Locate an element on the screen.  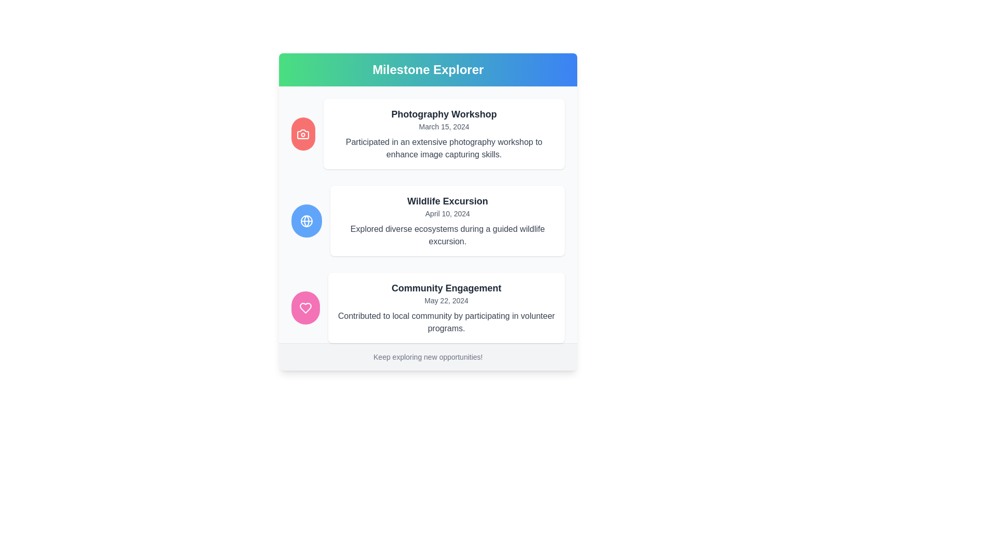
the static banner or heading located at the topmost section of the card-like layout, which serves as the title for the content section that follows is located at coordinates (428, 70).